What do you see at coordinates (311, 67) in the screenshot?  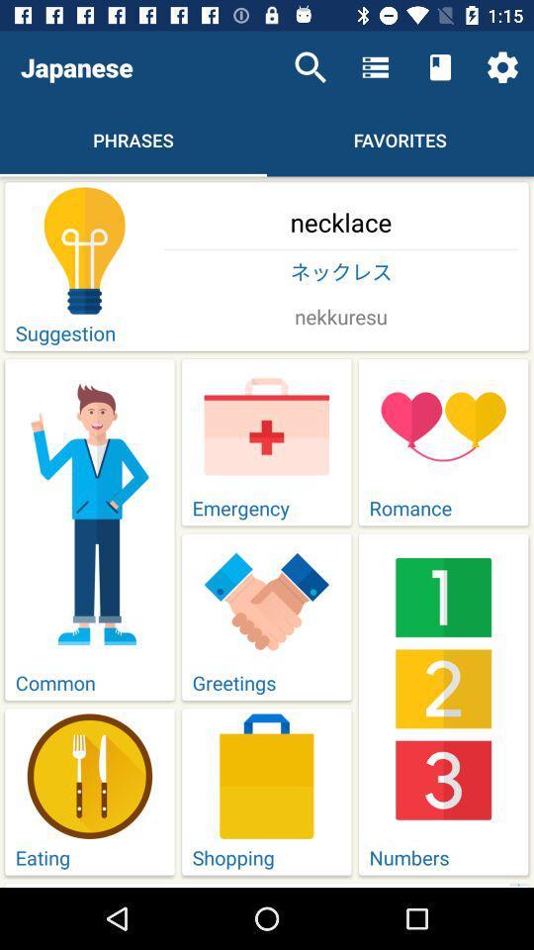 I see `icon next to the japanese icon` at bounding box center [311, 67].